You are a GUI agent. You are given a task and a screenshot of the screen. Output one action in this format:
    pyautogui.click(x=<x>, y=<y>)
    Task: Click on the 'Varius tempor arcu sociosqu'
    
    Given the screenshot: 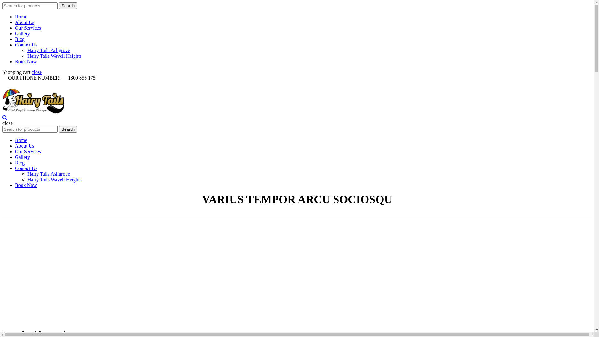 What is the action you would take?
    pyautogui.click(x=279, y=210)
    